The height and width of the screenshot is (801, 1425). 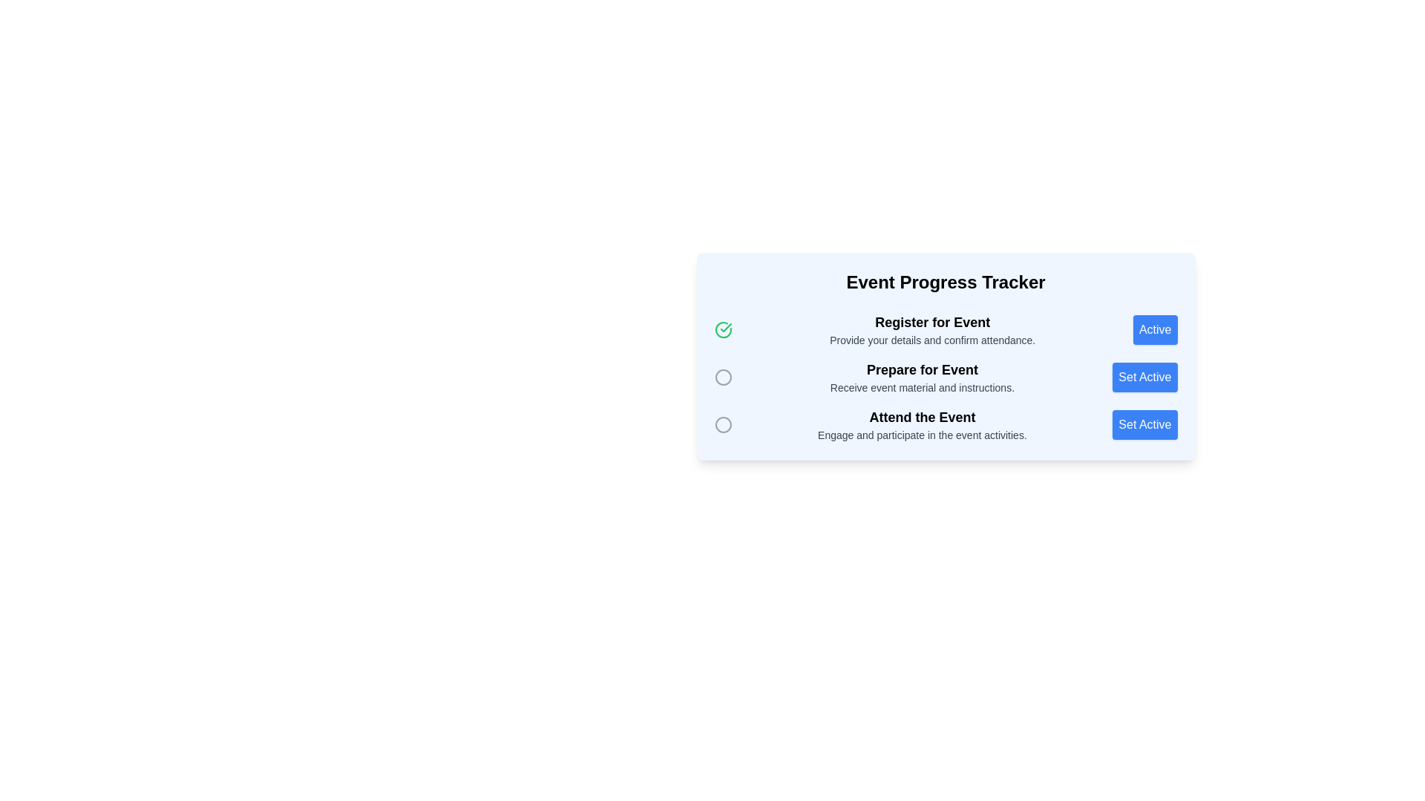 What do you see at coordinates (922, 425) in the screenshot?
I see `the Text Label element displaying 'Attend the Event' and 'Engage and participate in the event activities', which is the third entry in the event progress tracker` at bounding box center [922, 425].